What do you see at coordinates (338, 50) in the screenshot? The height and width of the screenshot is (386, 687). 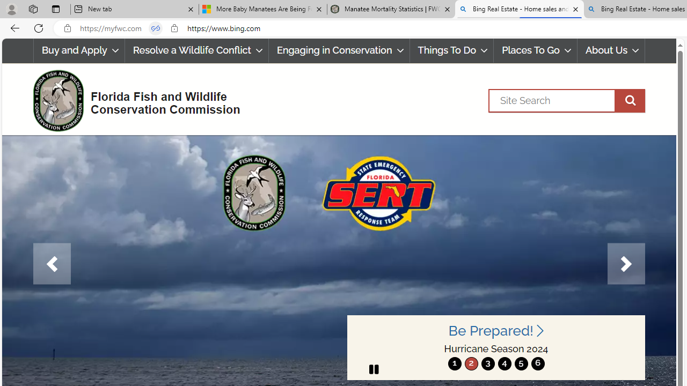 I see `'Engaging in Conservation'` at bounding box center [338, 50].